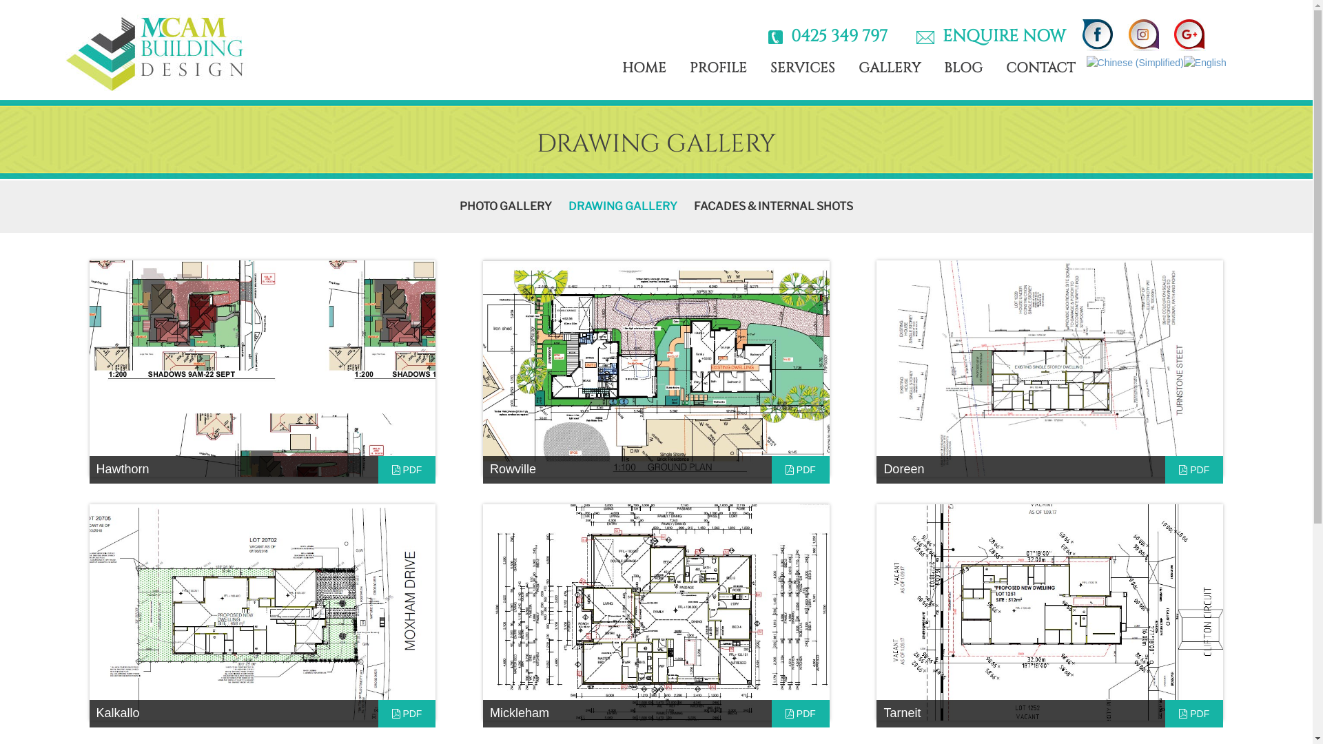 The width and height of the screenshot is (1323, 744). I want to click on 'google', so click(1189, 34).